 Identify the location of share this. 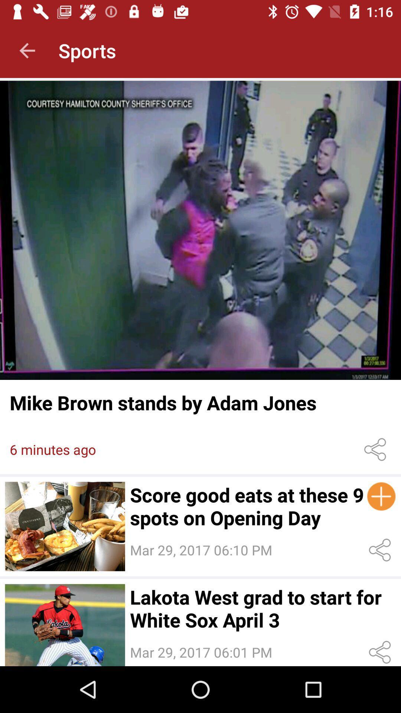
(376, 449).